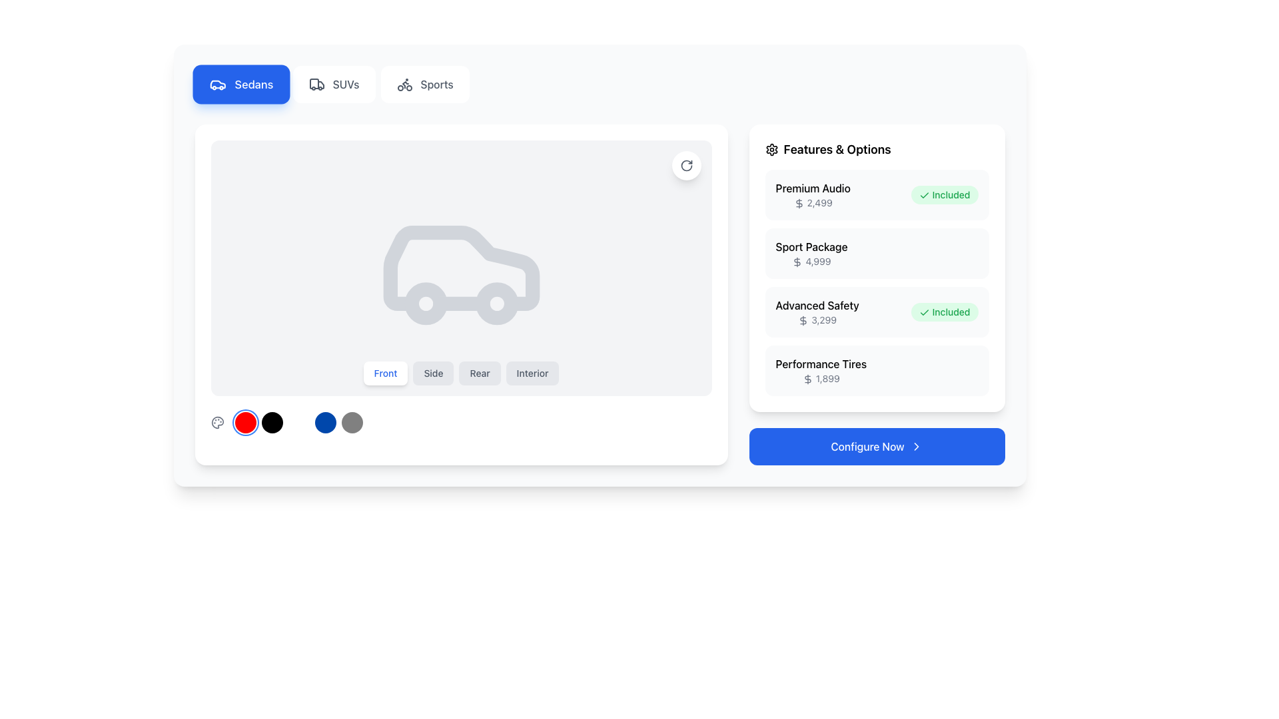 Image resolution: width=1279 pixels, height=719 pixels. What do you see at coordinates (298, 423) in the screenshot?
I see `the third selectable color option circle located below the vehicle image on the left side` at bounding box center [298, 423].